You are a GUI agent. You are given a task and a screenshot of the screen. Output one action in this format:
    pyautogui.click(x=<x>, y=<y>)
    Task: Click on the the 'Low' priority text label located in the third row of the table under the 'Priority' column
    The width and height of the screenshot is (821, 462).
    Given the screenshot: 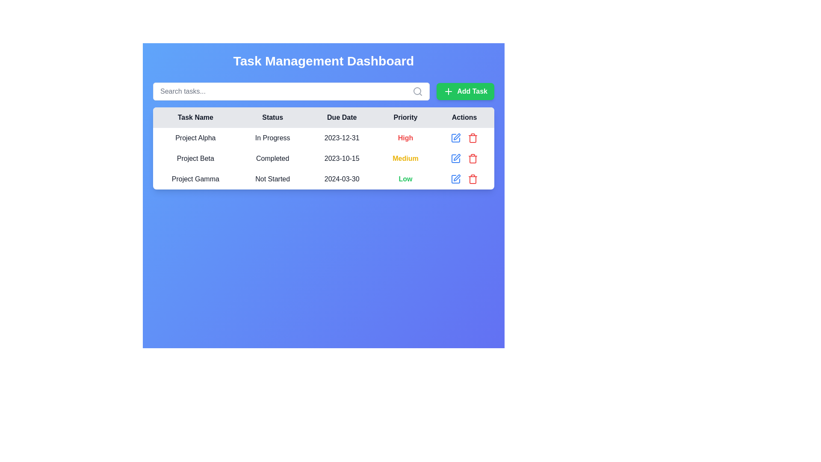 What is the action you would take?
    pyautogui.click(x=405, y=178)
    